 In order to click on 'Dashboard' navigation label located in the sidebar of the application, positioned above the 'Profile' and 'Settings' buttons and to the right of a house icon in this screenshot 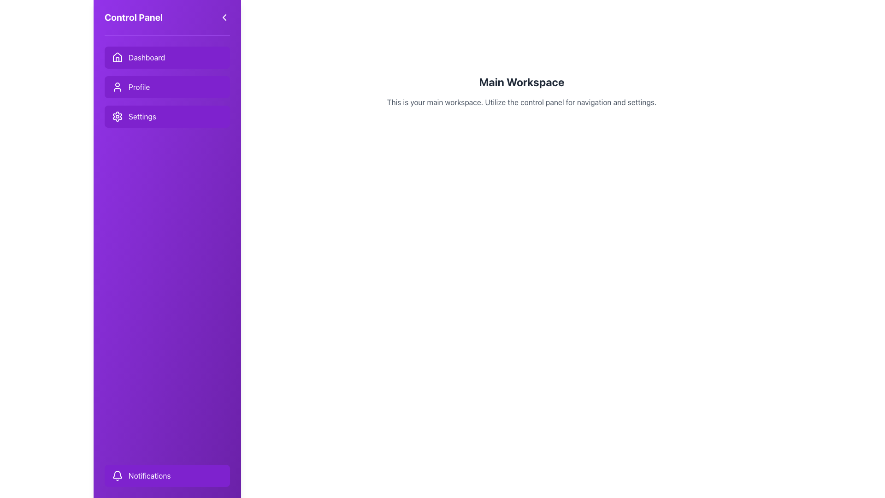, I will do `click(146, 57)`.